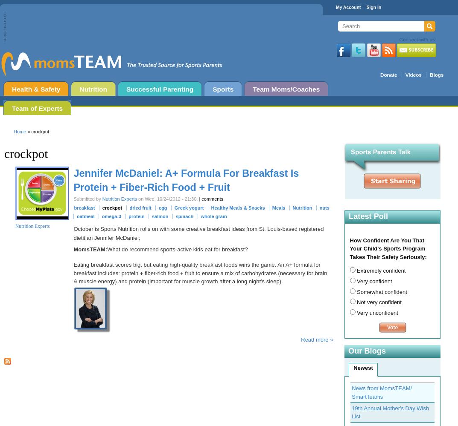  What do you see at coordinates (166, 199) in the screenshot?
I see `'on Wed, 10/24/2012 - 21:30.'` at bounding box center [166, 199].